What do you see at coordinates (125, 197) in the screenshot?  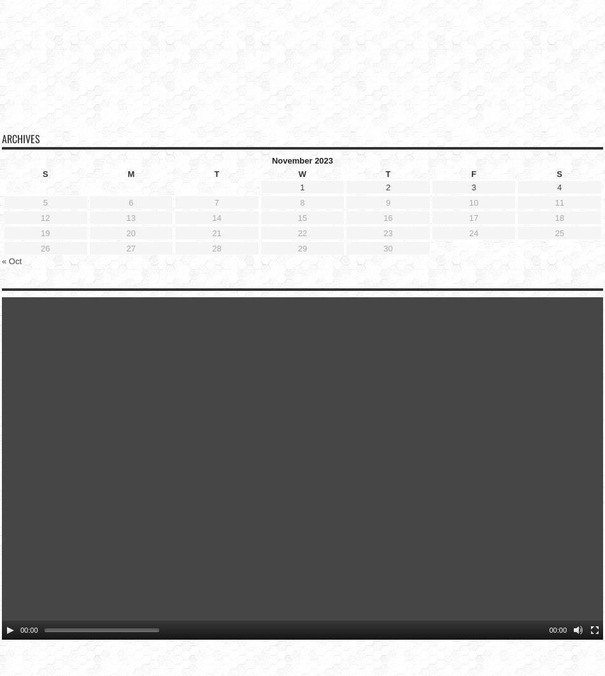 I see `'13'` at bounding box center [125, 197].